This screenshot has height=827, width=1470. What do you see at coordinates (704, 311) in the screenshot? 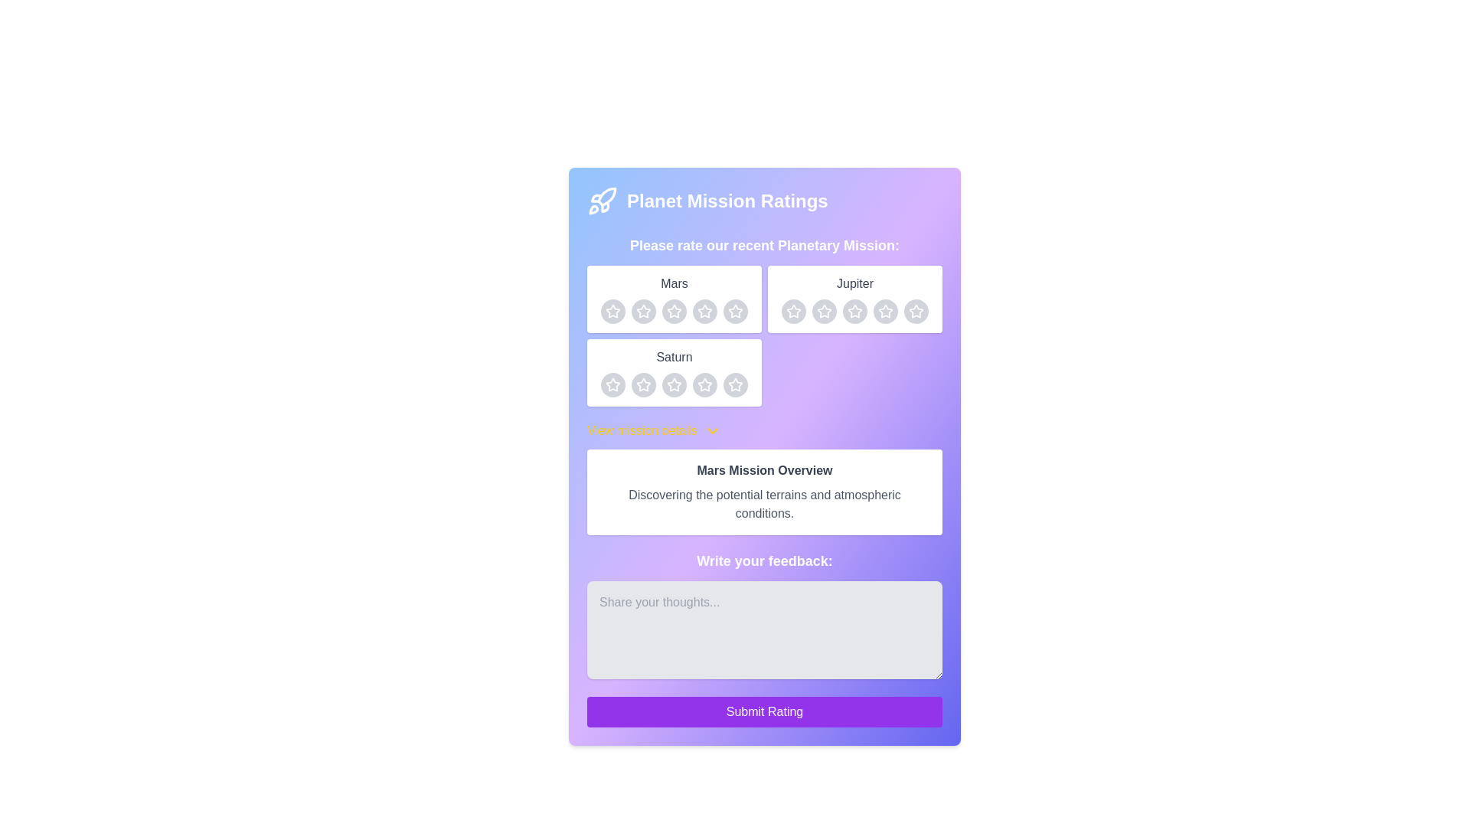
I see `the fourth star button in the 'Mars' rating section, which is a circular button with a light gray background and a white star-shaped icon in the center` at bounding box center [704, 311].